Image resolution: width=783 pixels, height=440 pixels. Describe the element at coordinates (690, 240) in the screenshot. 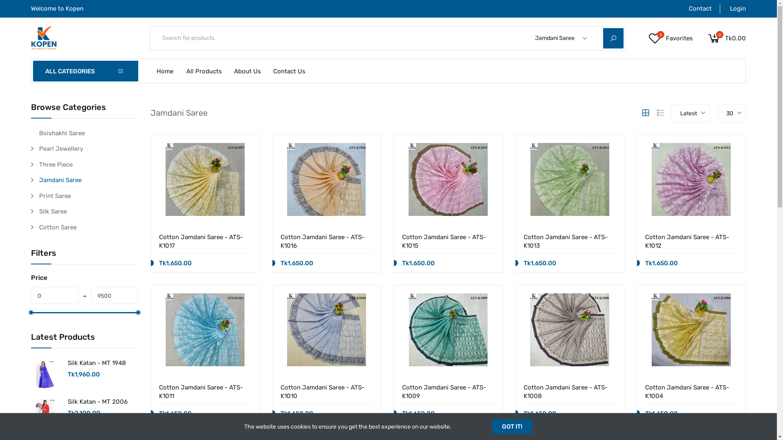

I see `'Cotton Jamdani Saree - ATS-K1012'` at that location.